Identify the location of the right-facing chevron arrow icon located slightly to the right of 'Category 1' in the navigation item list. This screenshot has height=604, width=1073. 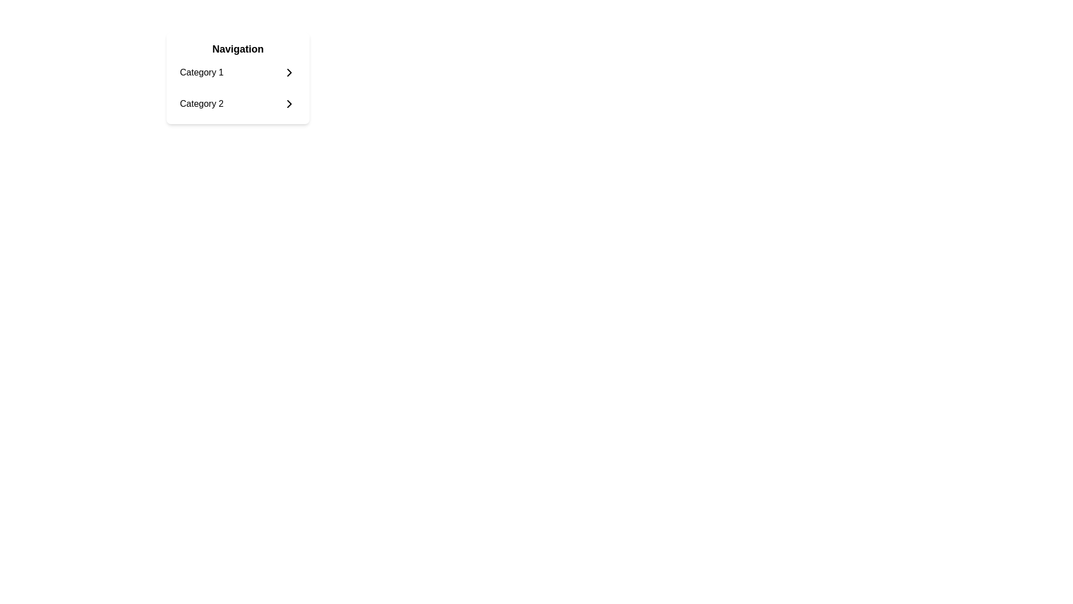
(289, 73).